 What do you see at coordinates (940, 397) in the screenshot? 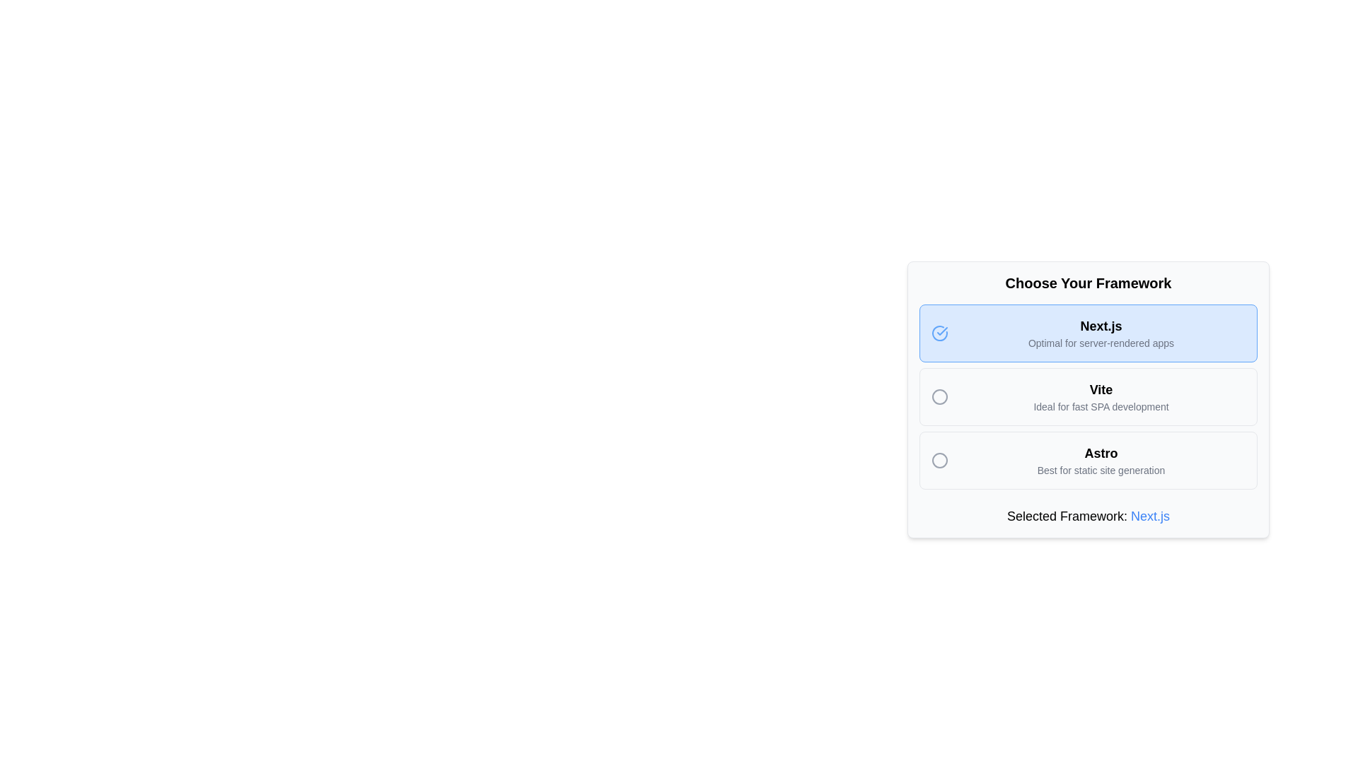
I see `the circle icon located to the left of the 'Vite' label in the 'Choose Your Framework' selection section` at bounding box center [940, 397].